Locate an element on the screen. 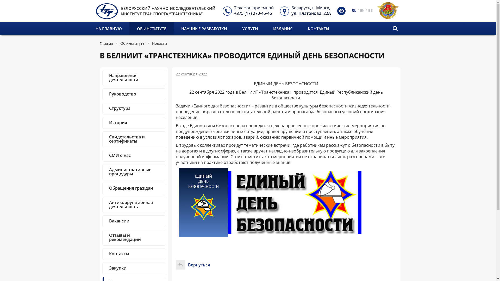 Image resolution: width=500 pixels, height=281 pixels. 'BE' is located at coordinates (370, 10).